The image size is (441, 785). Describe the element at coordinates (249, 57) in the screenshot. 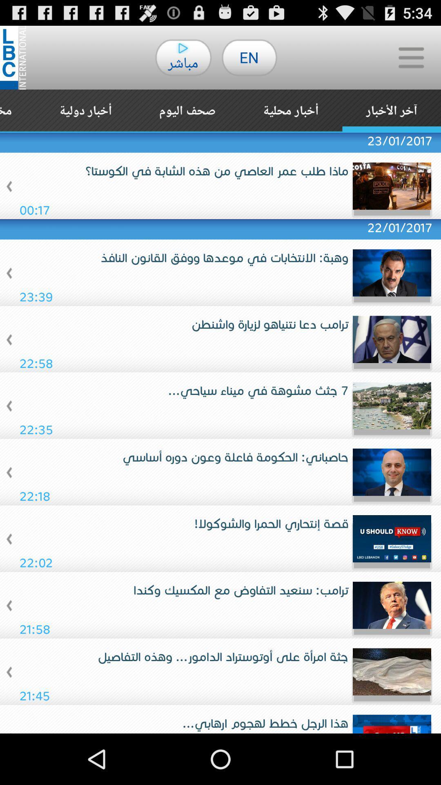

I see `the en button` at that location.